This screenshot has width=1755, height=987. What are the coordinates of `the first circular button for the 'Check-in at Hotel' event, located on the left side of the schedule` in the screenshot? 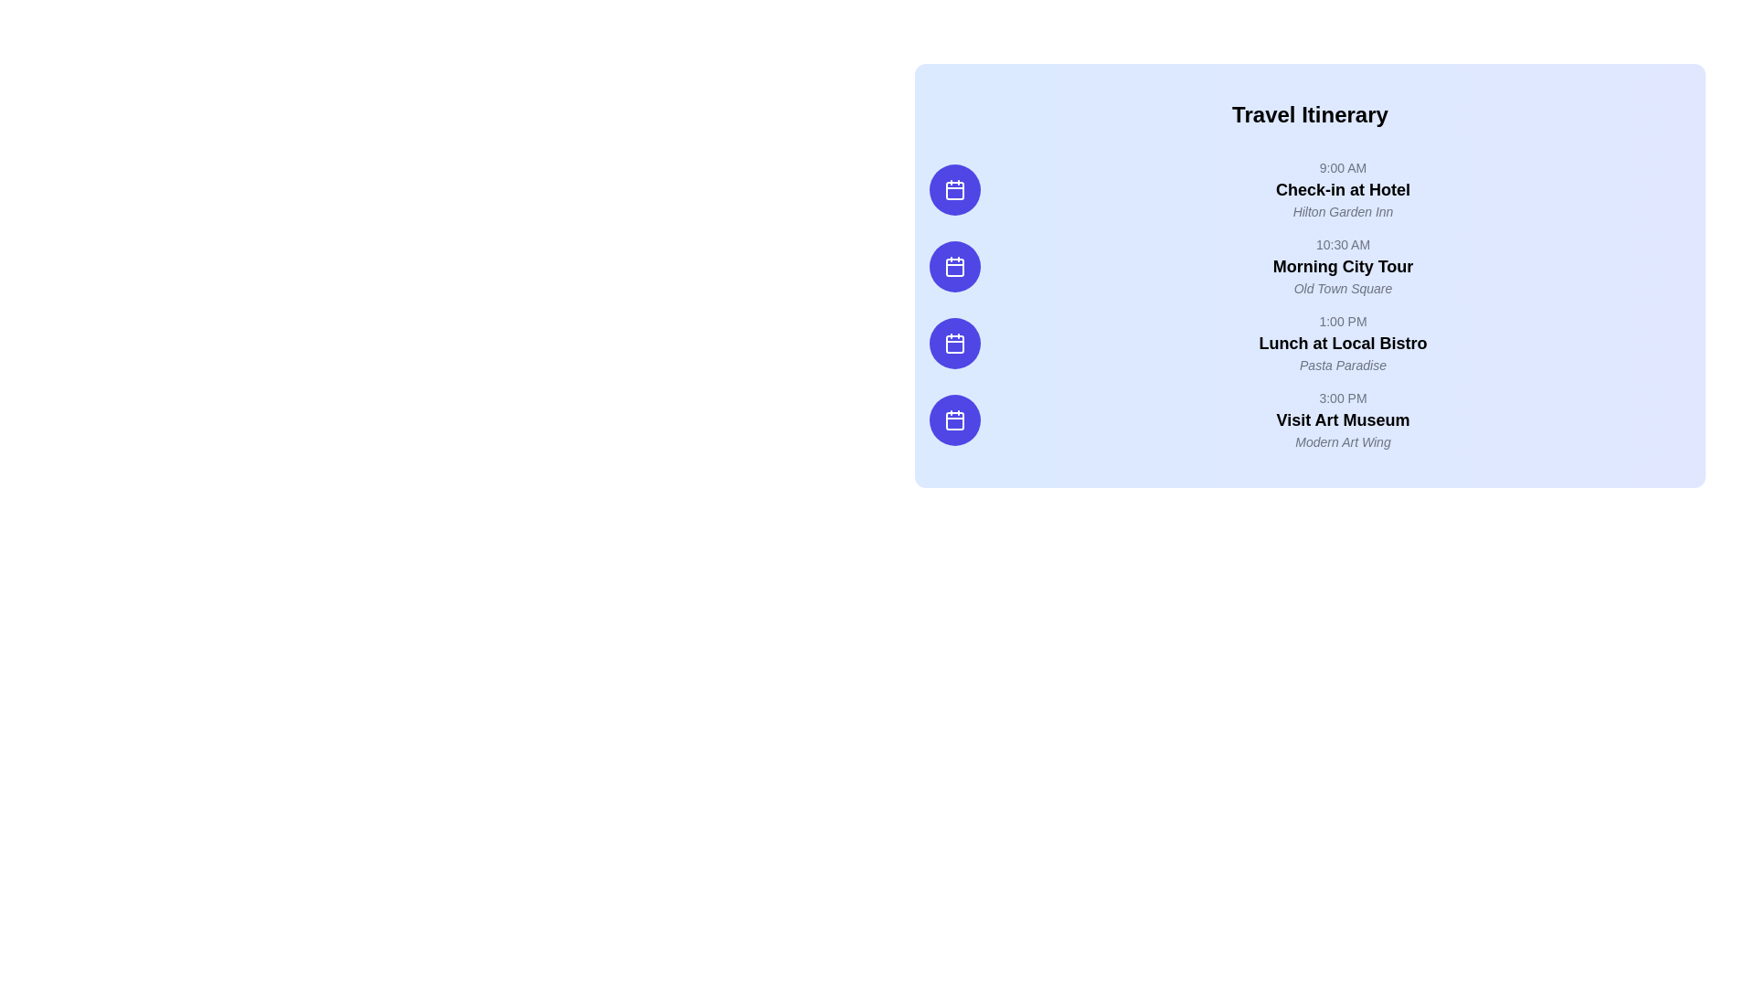 It's located at (954, 190).